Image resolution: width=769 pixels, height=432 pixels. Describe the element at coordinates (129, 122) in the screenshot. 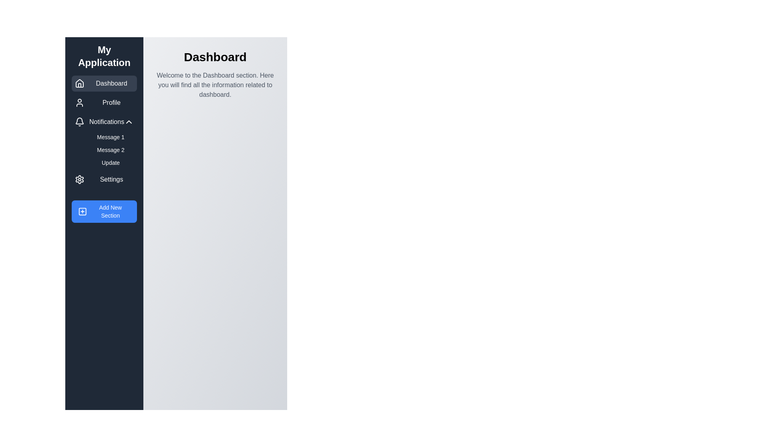

I see `the upward-pointing chevron-shaped icon next to the 'Notifications' text to potentially display a tooltip` at that location.